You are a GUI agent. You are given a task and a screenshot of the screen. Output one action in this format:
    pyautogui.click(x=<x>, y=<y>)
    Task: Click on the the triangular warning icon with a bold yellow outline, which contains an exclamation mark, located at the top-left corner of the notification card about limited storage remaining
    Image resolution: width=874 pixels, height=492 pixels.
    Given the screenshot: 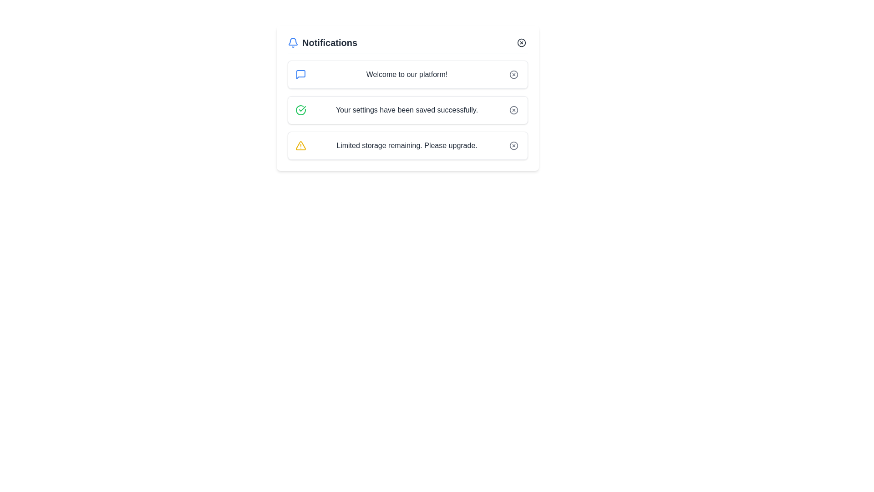 What is the action you would take?
    pyautogui.click(x=301, y=145)
    